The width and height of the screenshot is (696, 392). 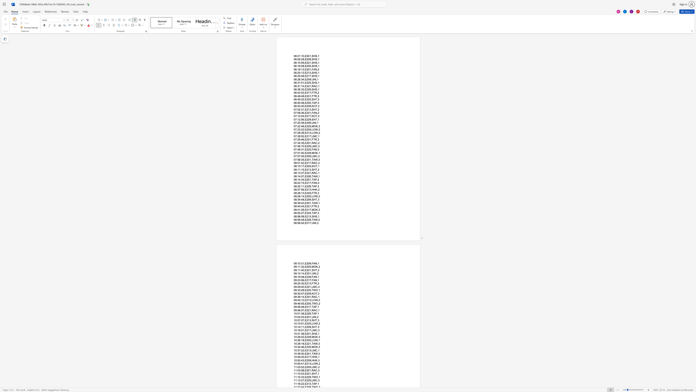 What do you see at coordinates (304, 99) in the screenshot?
I see `the subset text "E225" within the text "06:49:32,E225,SHT,3"` at bounding box center [304, 99].